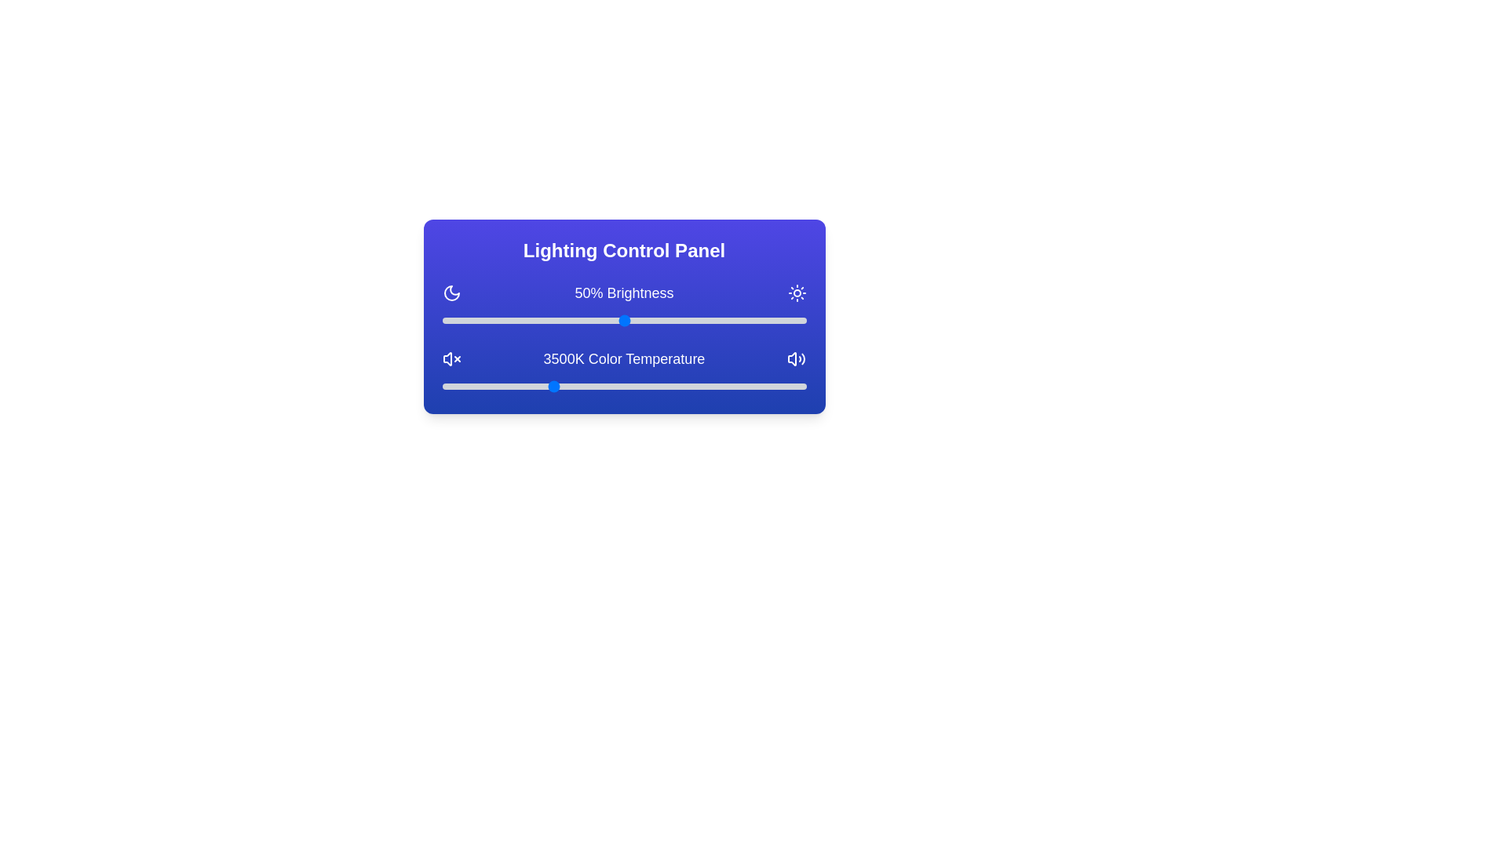 This screenshot has width=1507, height=847. What do you see at coordinates (526, 387) in the screenshot?
I see `the color temperature slider to 3151 K` at bounding box center [526, 387].